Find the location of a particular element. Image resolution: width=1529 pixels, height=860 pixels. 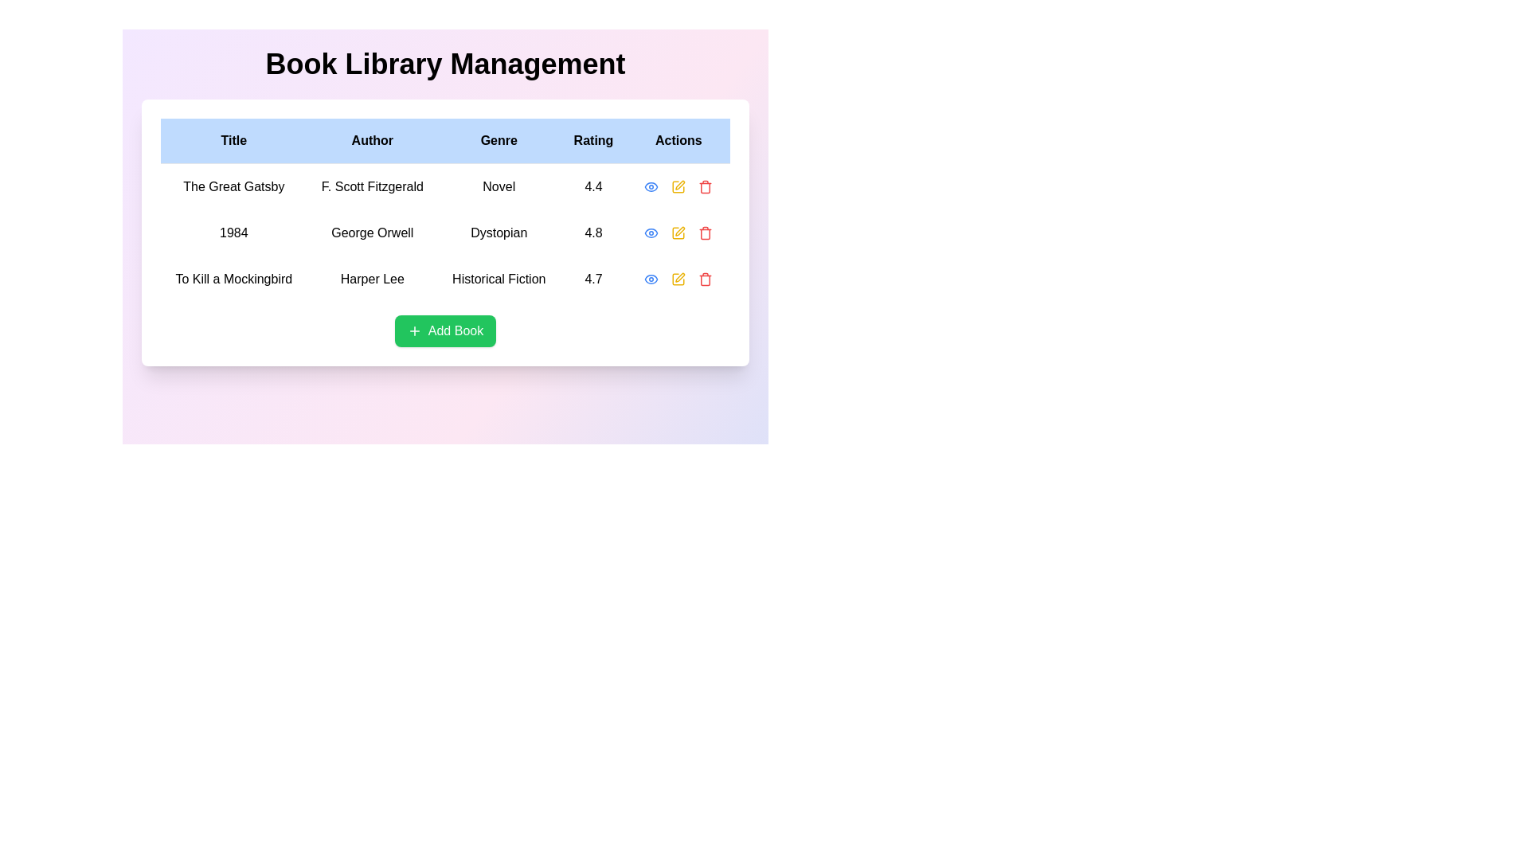

the small yellow edit icon styled as a pen located under the 'Actions' column for the book '1984' is located at coordinates (680, 231).